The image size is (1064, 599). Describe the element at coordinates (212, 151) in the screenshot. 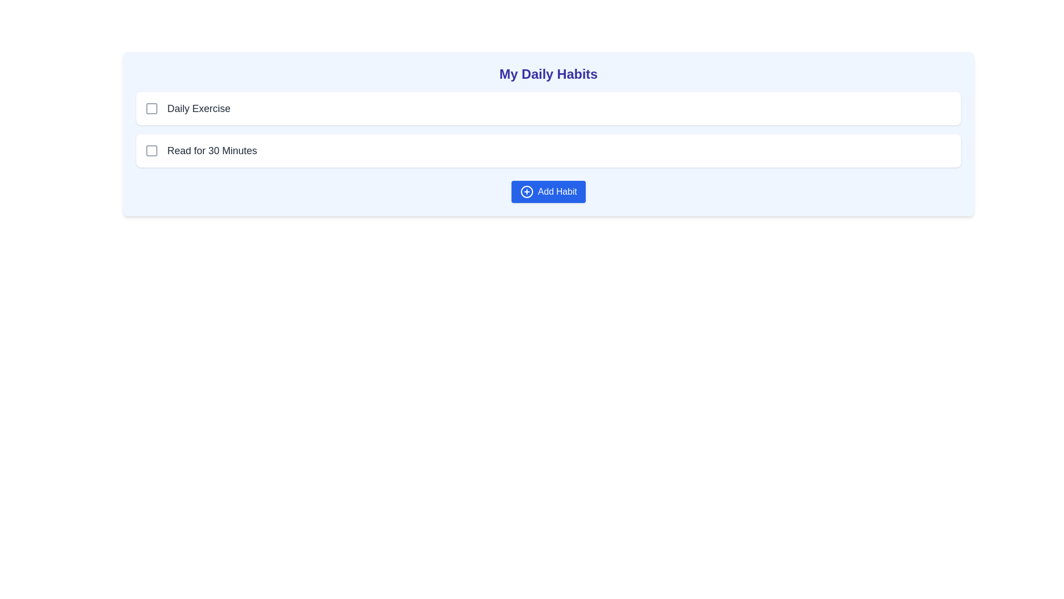

I see `the content of the text label displaying 'Read for 30 Minutes', which is the second checklist item in the vertical list` at that location.